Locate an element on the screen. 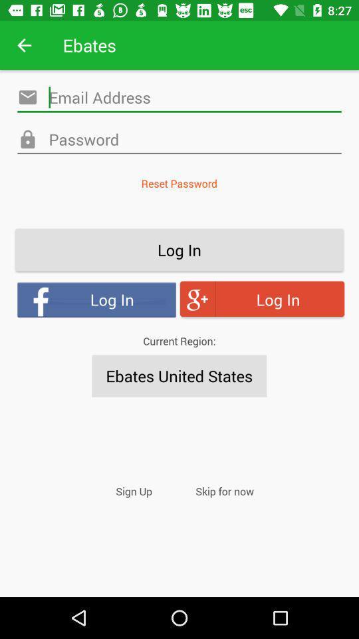 The width and height of the screenshot is (359, 639). the reset password item is located at coordinates (179, 182).